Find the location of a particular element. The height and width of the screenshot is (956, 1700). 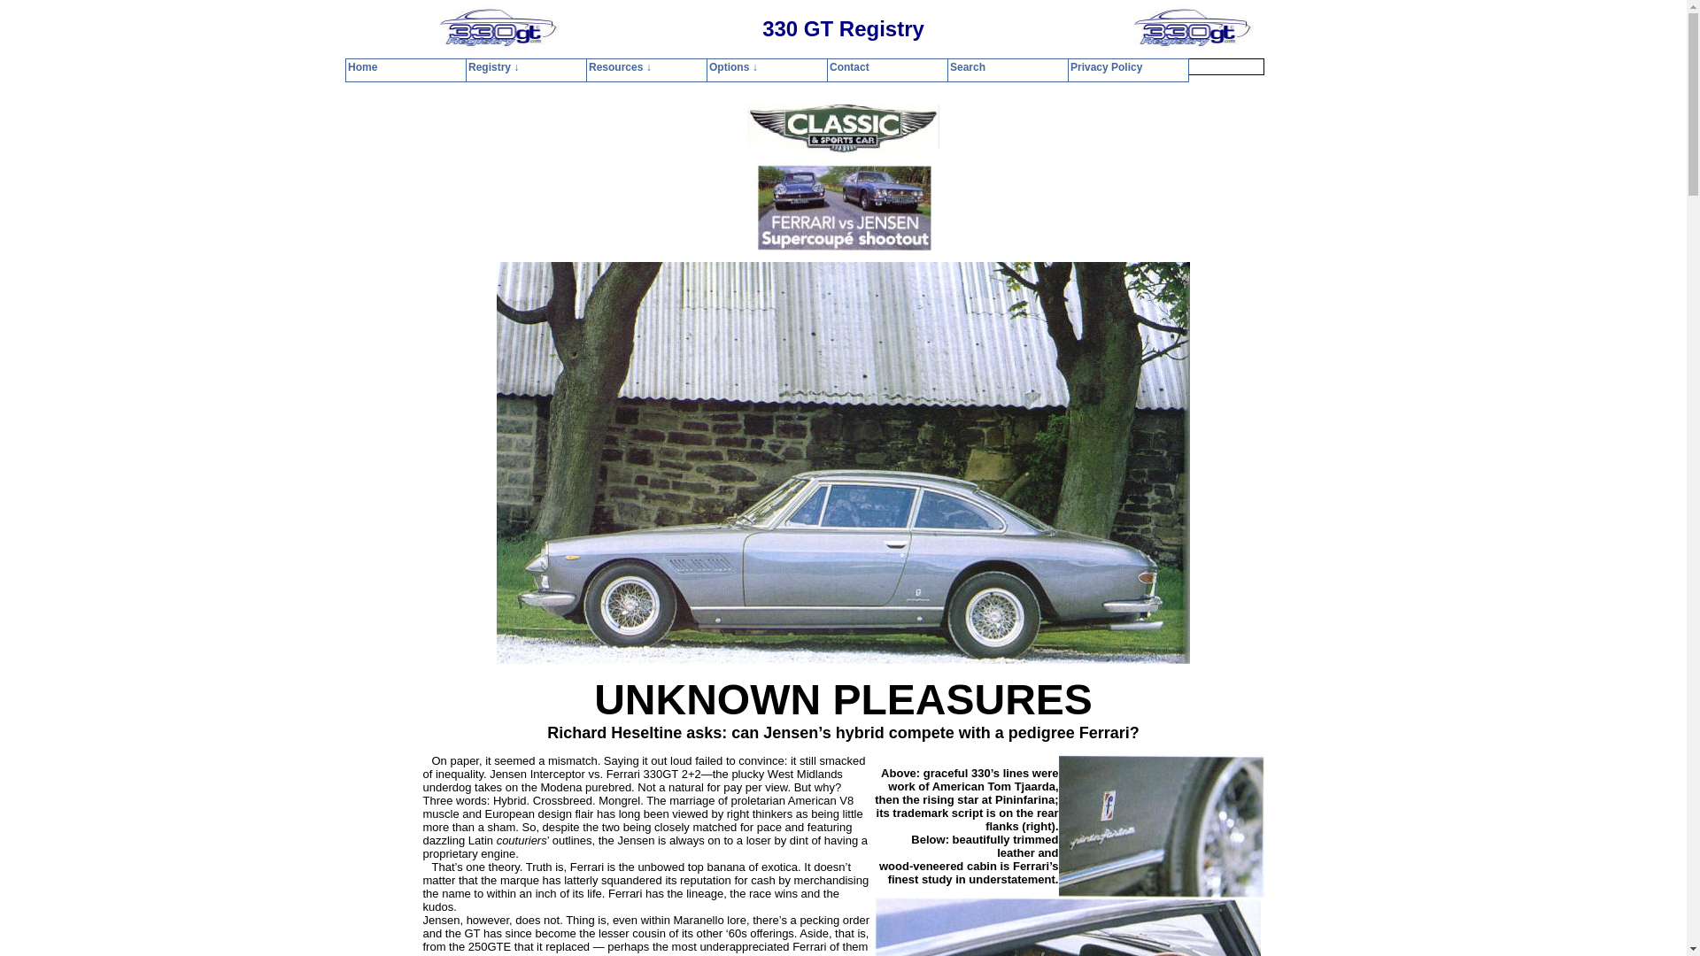

'Registry' is located at coordinates (712, 66).